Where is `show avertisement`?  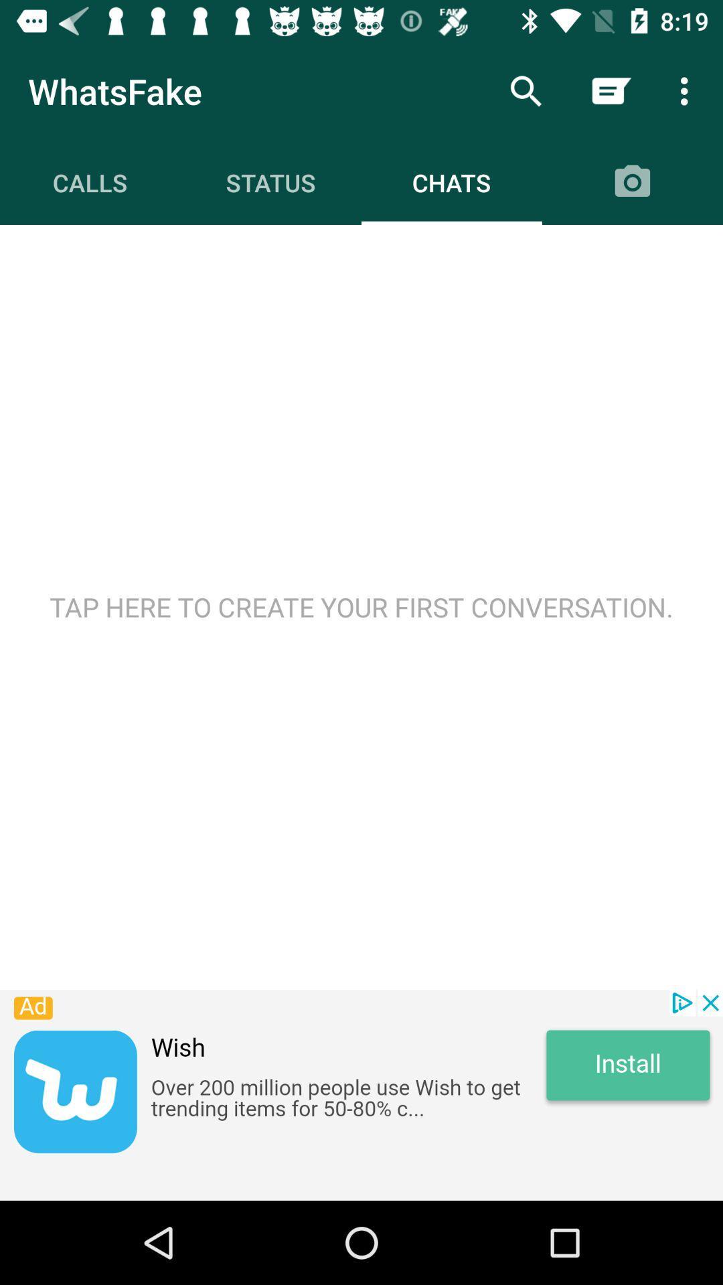 show avertisement is located at coordinates (361, 1095).